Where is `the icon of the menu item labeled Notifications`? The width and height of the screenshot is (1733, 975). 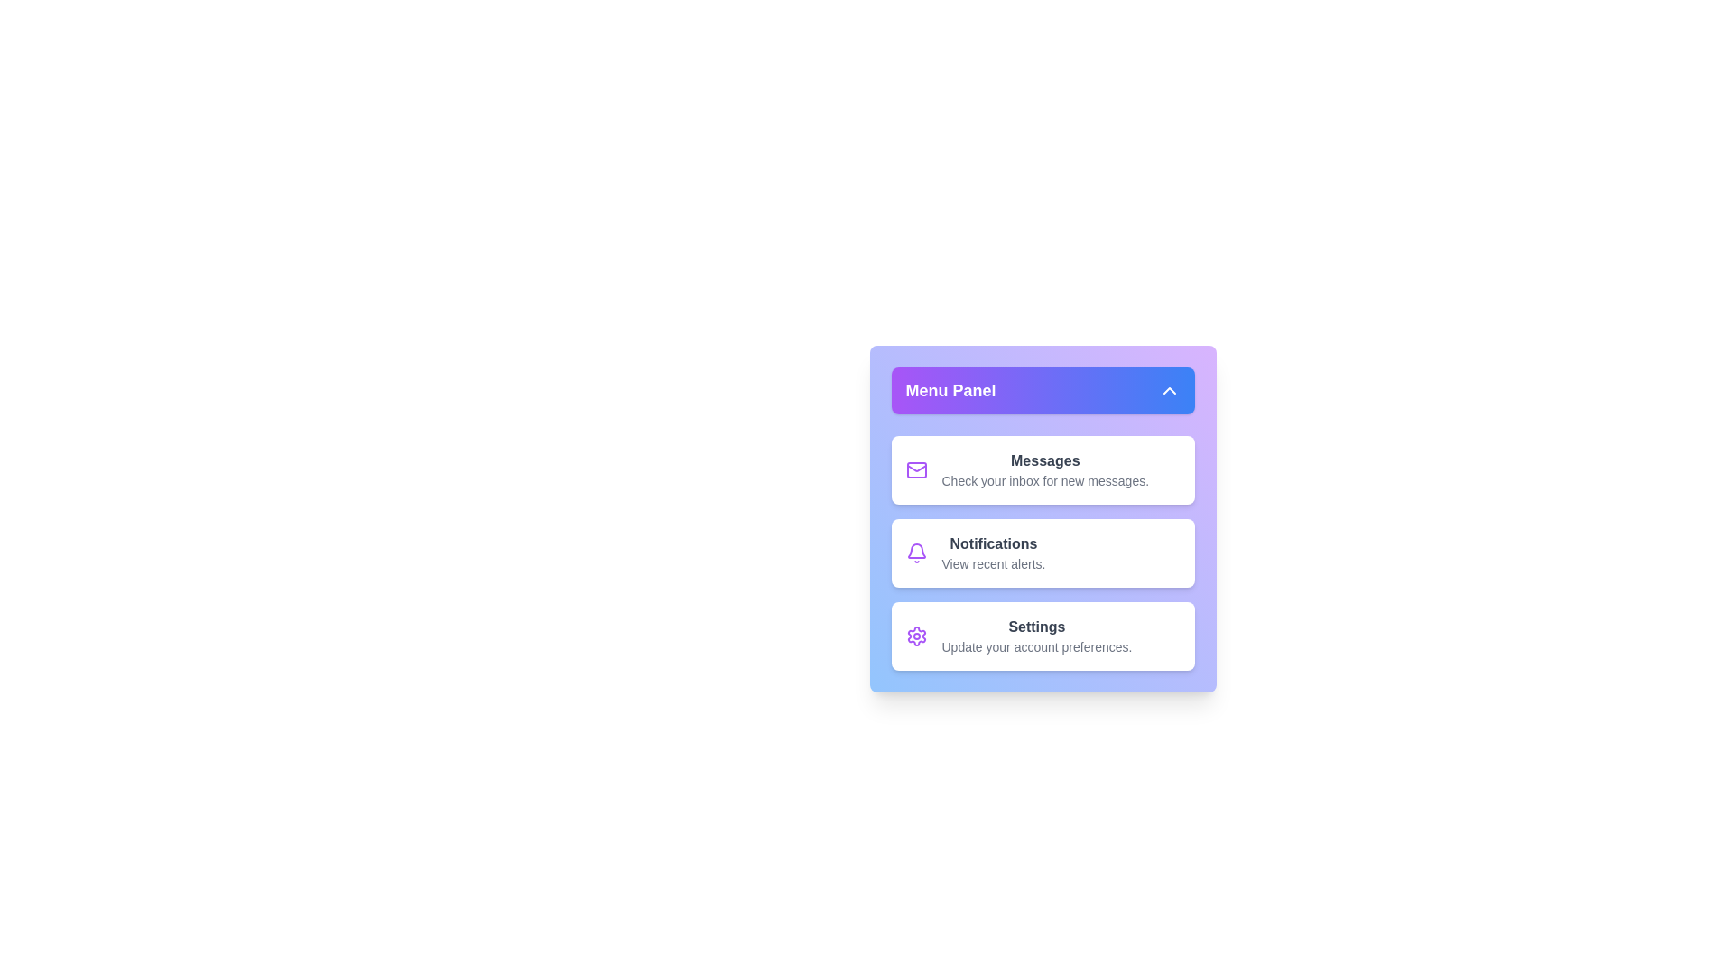
the icon of the menu item labeled Notifications is located at coordinates (916, 552).